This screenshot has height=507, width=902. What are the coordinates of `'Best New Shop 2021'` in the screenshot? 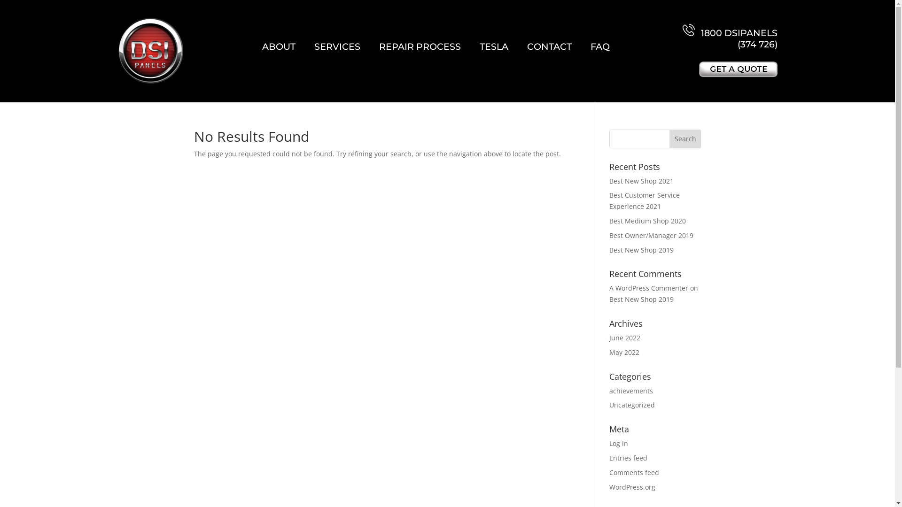 It's located at (641, 181).